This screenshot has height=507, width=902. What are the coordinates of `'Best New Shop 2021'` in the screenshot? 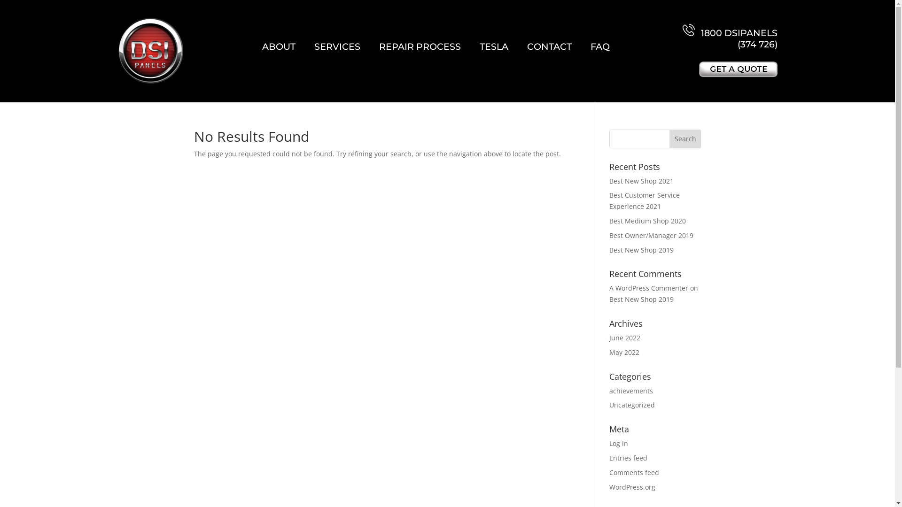 It's located at (641, 181).